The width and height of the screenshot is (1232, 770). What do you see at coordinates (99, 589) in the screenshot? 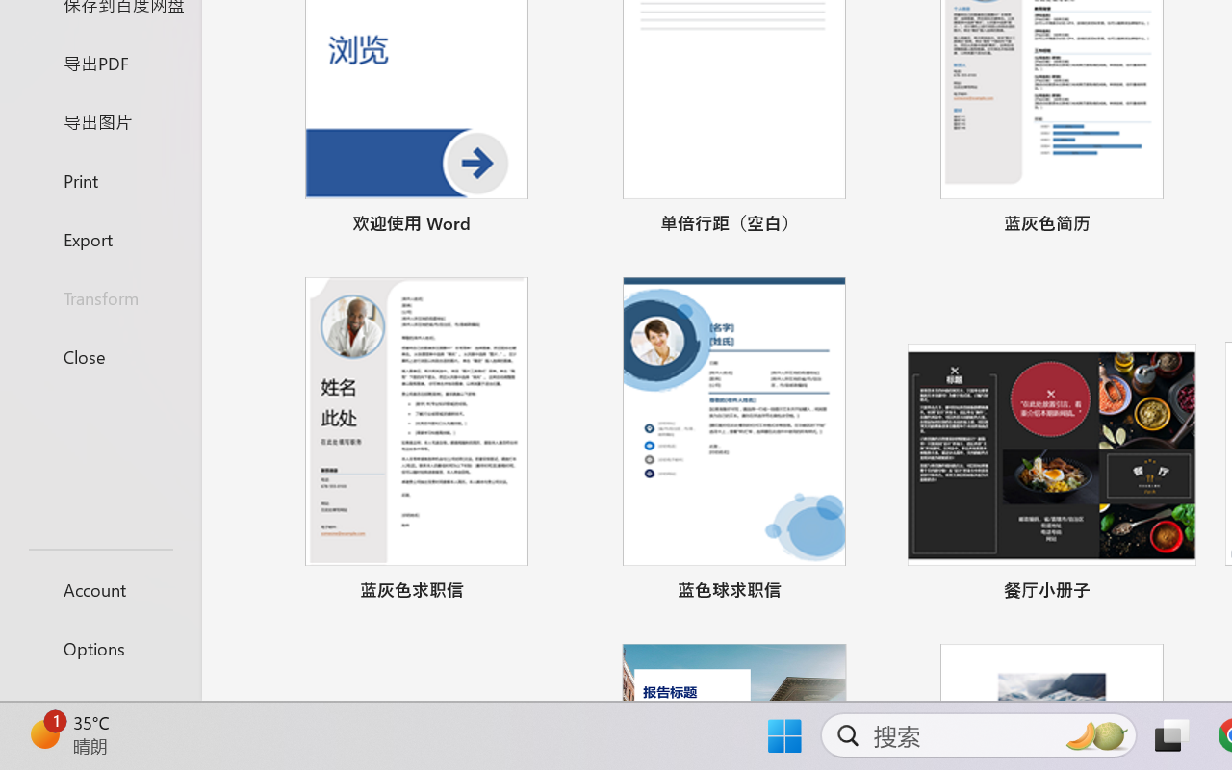
I see `'Account'` at bounding box center [99, 589].